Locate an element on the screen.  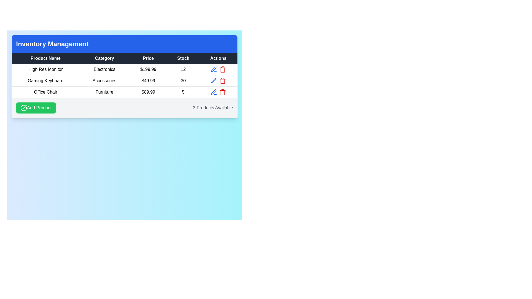
the blue pen icon in the 'Actions' column for the 'High Res Monitor' product is located at coordinates (214, 69).